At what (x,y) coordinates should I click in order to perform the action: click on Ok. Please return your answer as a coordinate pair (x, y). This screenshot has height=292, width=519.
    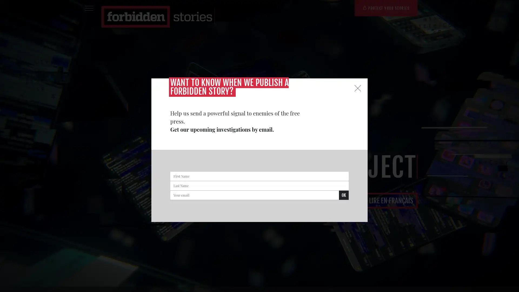
    Looking at the image, I should click on (344, 195).